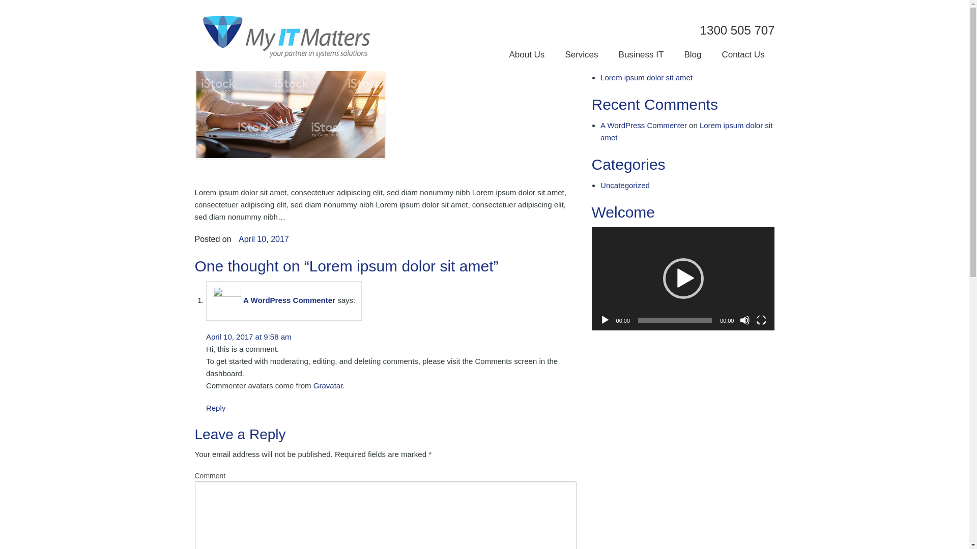  Describe the element at coordinates (761, 319) in the screenshot. I see `'Fullscreen'` at that location.